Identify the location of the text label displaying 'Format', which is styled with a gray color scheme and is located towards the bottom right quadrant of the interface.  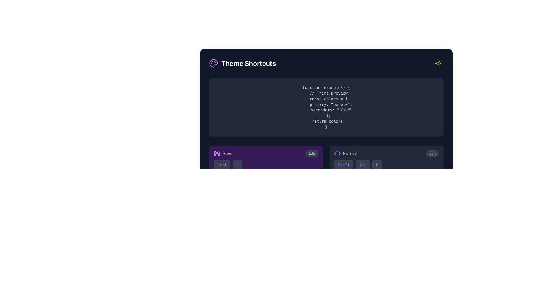
(350, 153).